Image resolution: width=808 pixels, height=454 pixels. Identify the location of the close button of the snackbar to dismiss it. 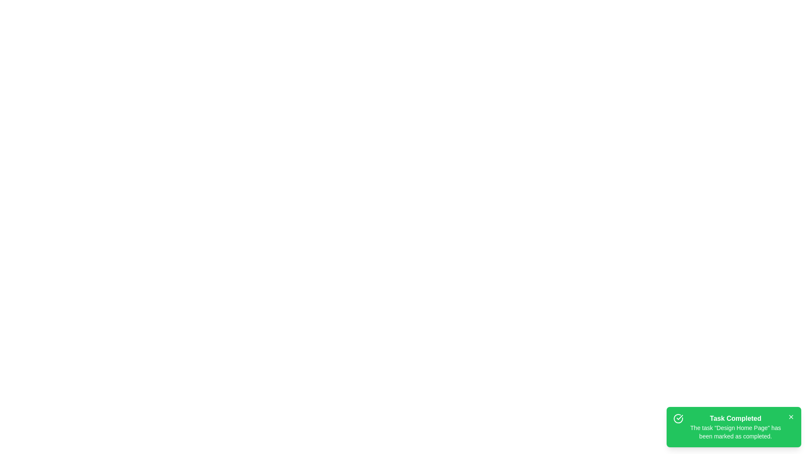
(791, 417).